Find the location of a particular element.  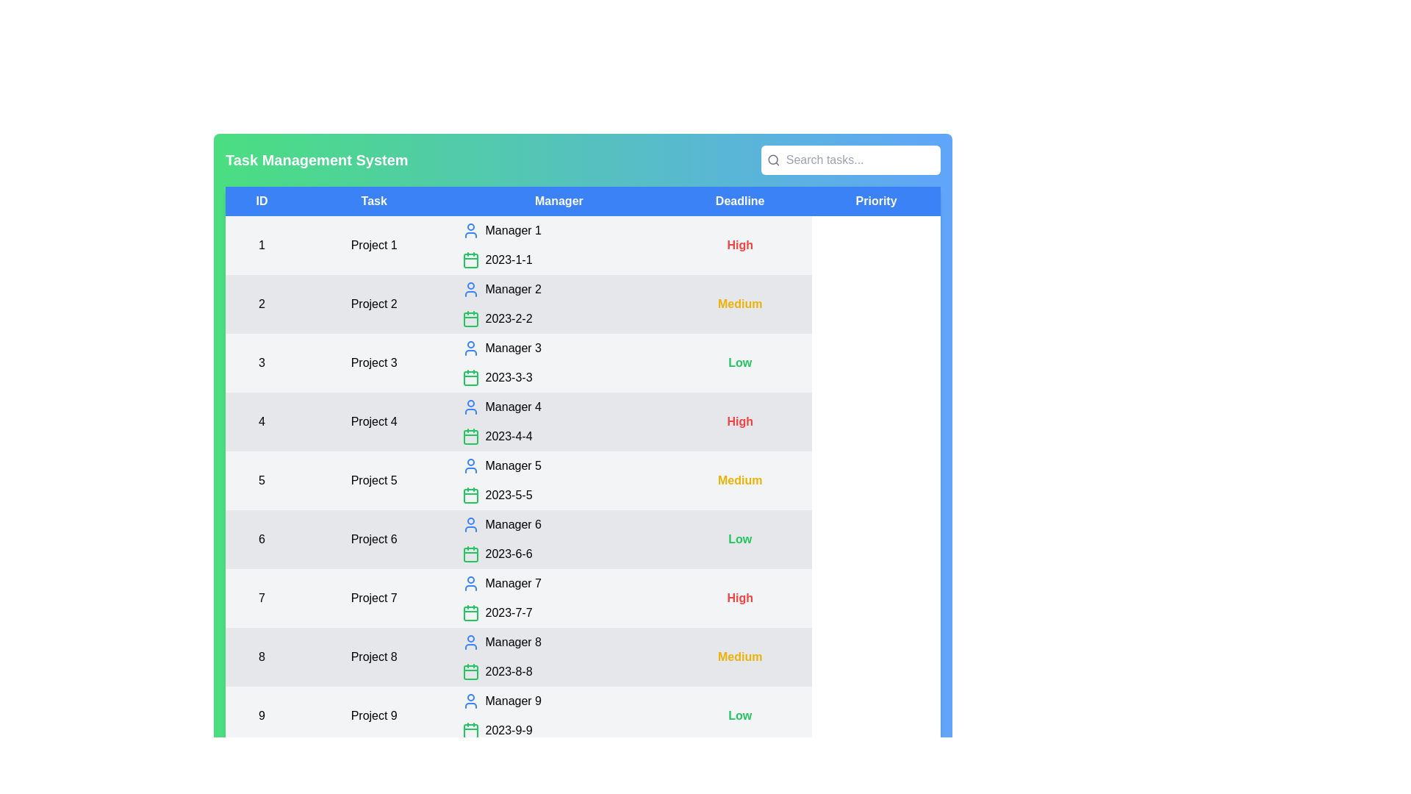

the column header Task to sort or filter the tasks is located at coordinates (373, 201).